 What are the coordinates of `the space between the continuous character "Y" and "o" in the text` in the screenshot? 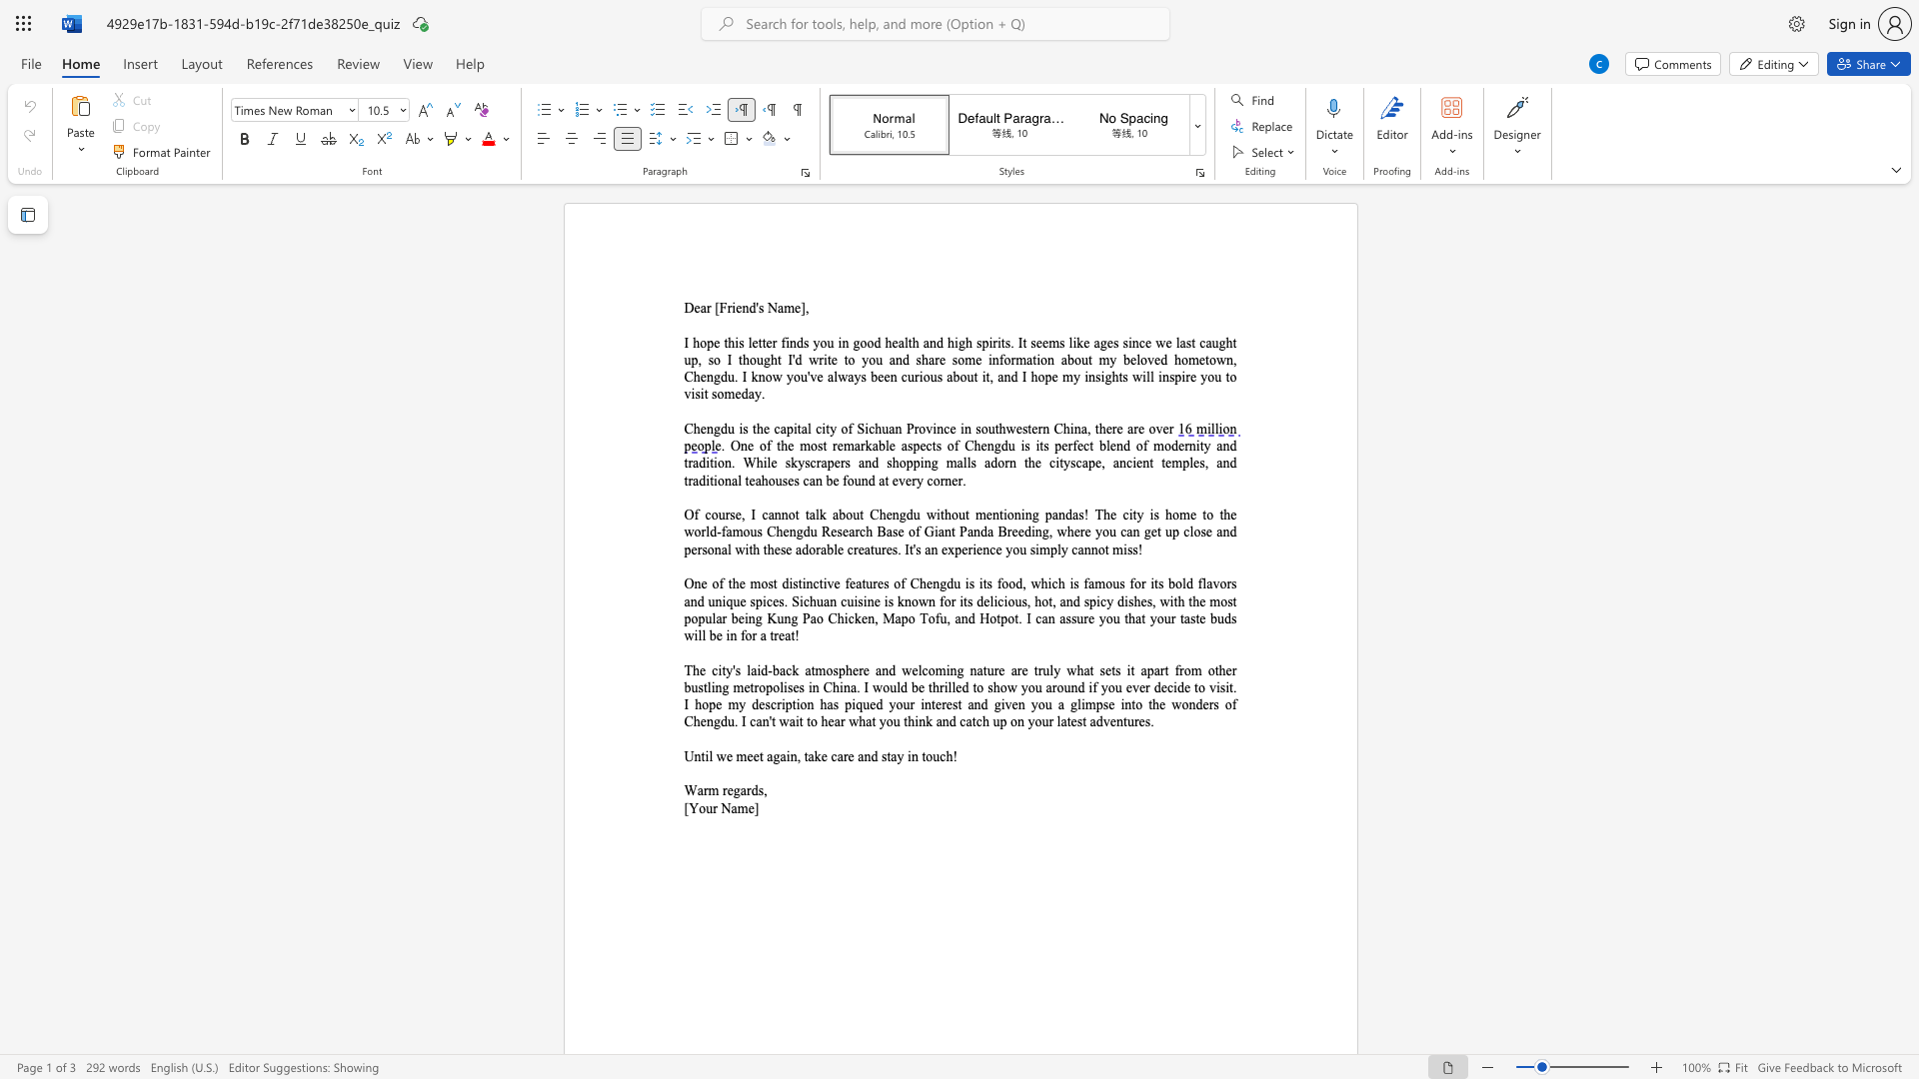 It's located at (698, 807).